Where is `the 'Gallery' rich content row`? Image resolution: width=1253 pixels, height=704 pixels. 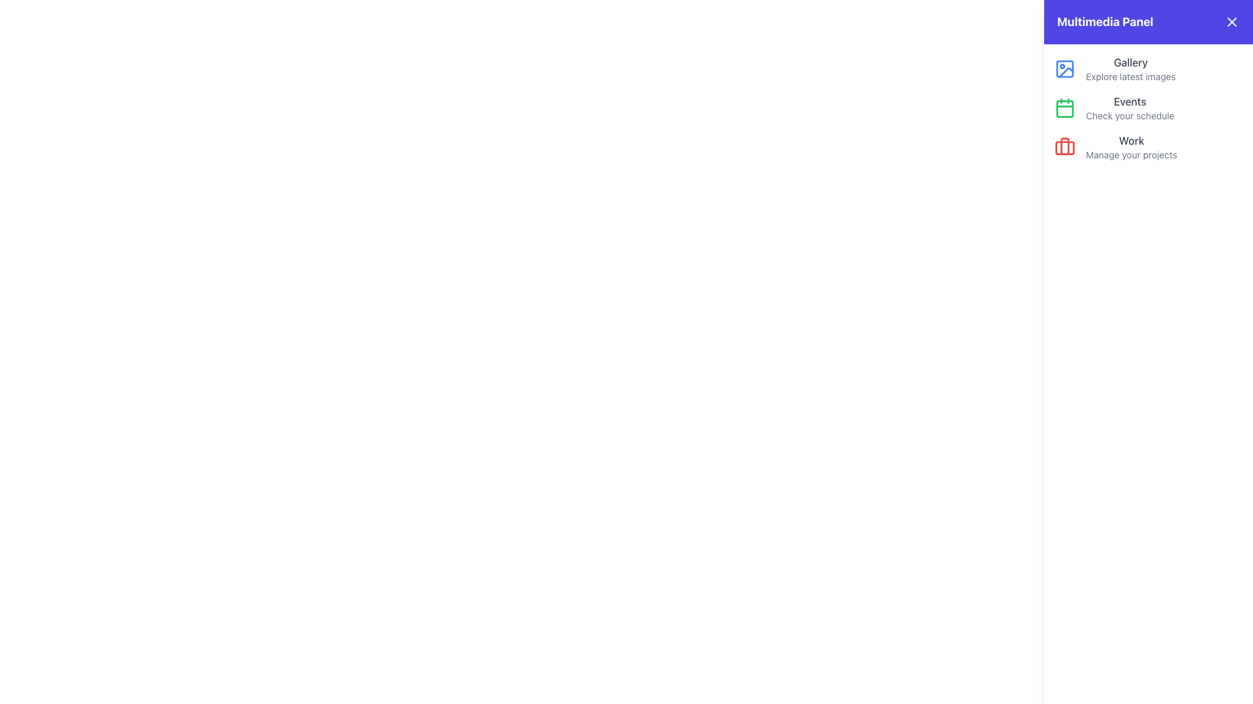
the 'Gallery' rich content row is located at coordinates (1149, 68).